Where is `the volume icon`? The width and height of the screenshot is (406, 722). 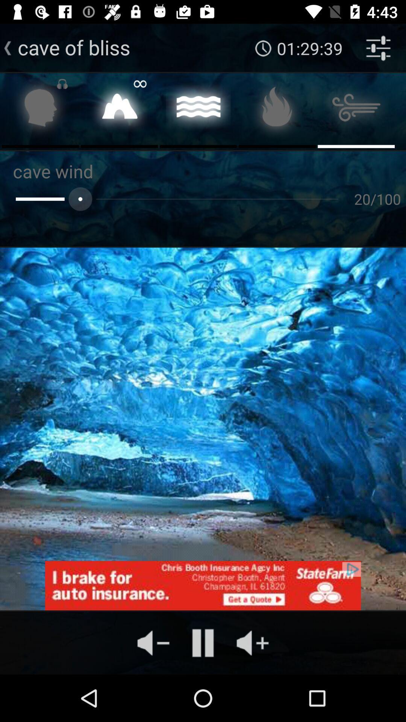
the volume icon is located at coordinates (252, 642).